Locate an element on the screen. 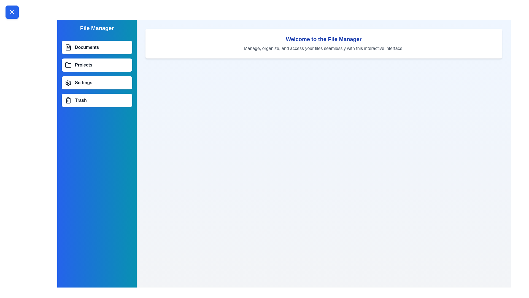 This screenshot has height=298, width=529. the menu item labeled Documents to select it is located at coordinates (97, 47).